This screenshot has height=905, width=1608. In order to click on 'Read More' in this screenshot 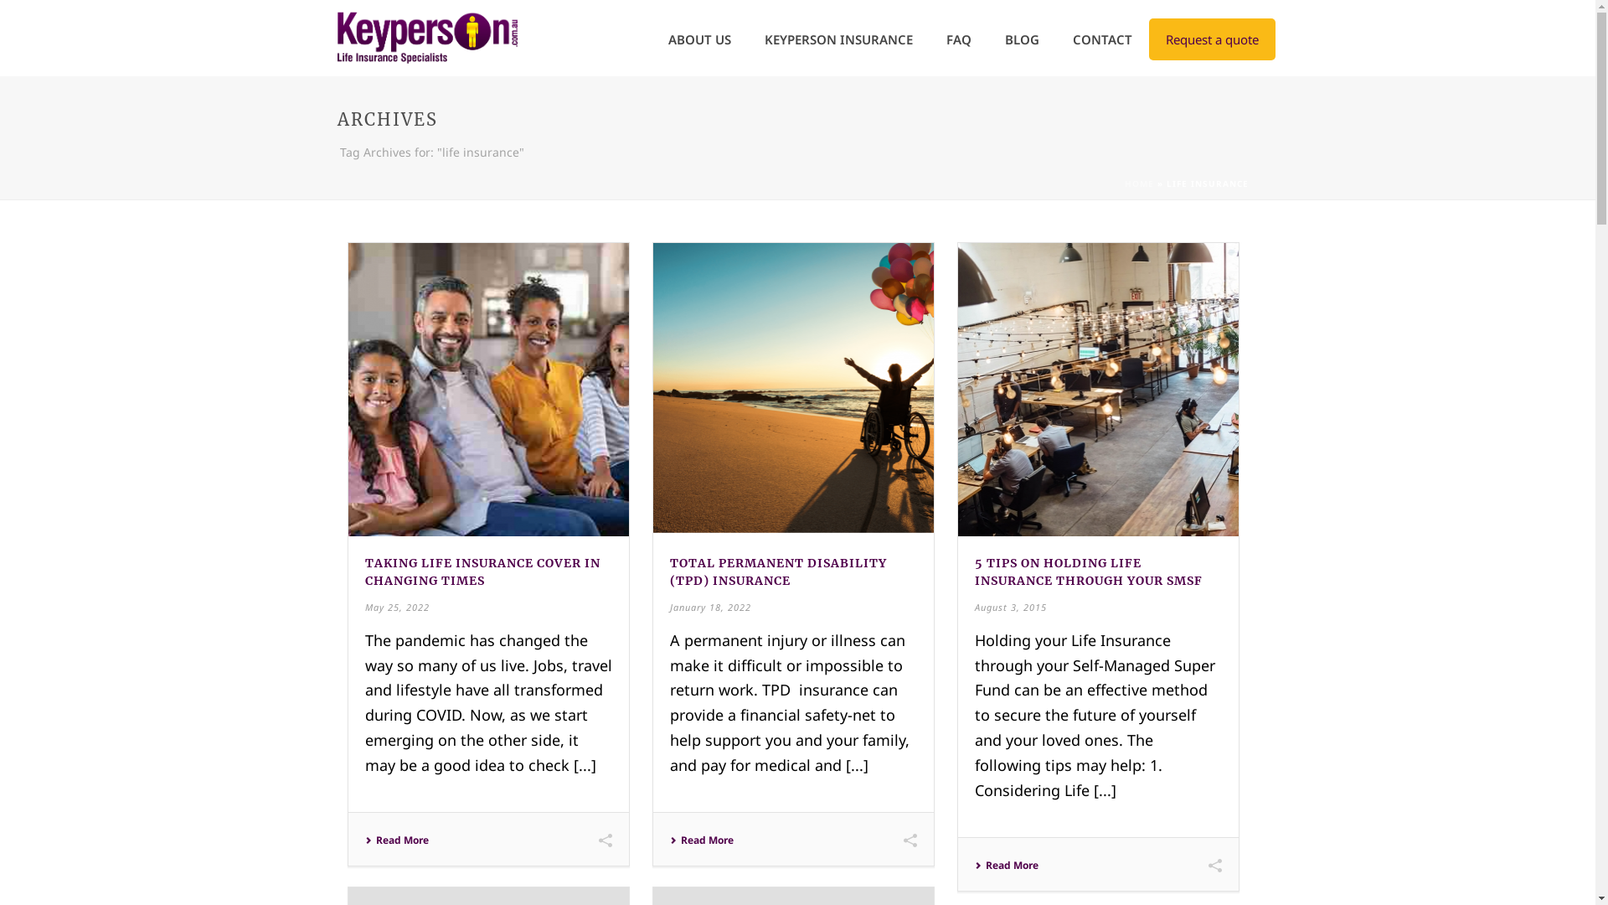, I will do `click(396, 840)`.